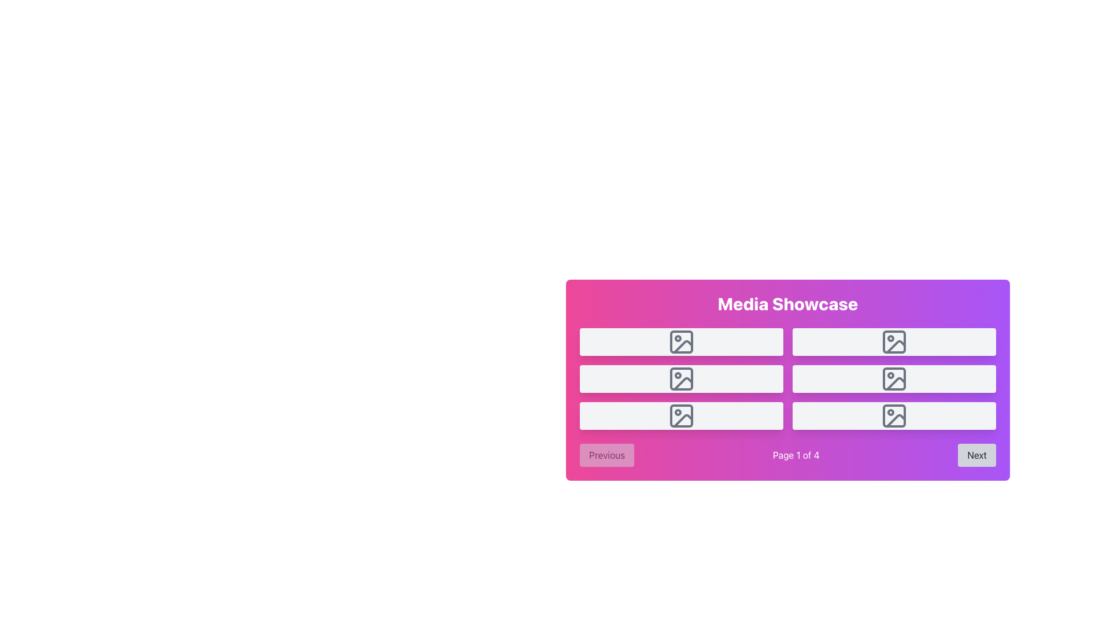 The width and height of the screenshot is (1110, 624). What do you see at coordinates (683, 346) in the screenshot?
I see `the vector graphic of a diagonal line segment with a curve, which is part of an icon in the leftmost column of the top row in a grid layout` at bounding box center [683, 346].